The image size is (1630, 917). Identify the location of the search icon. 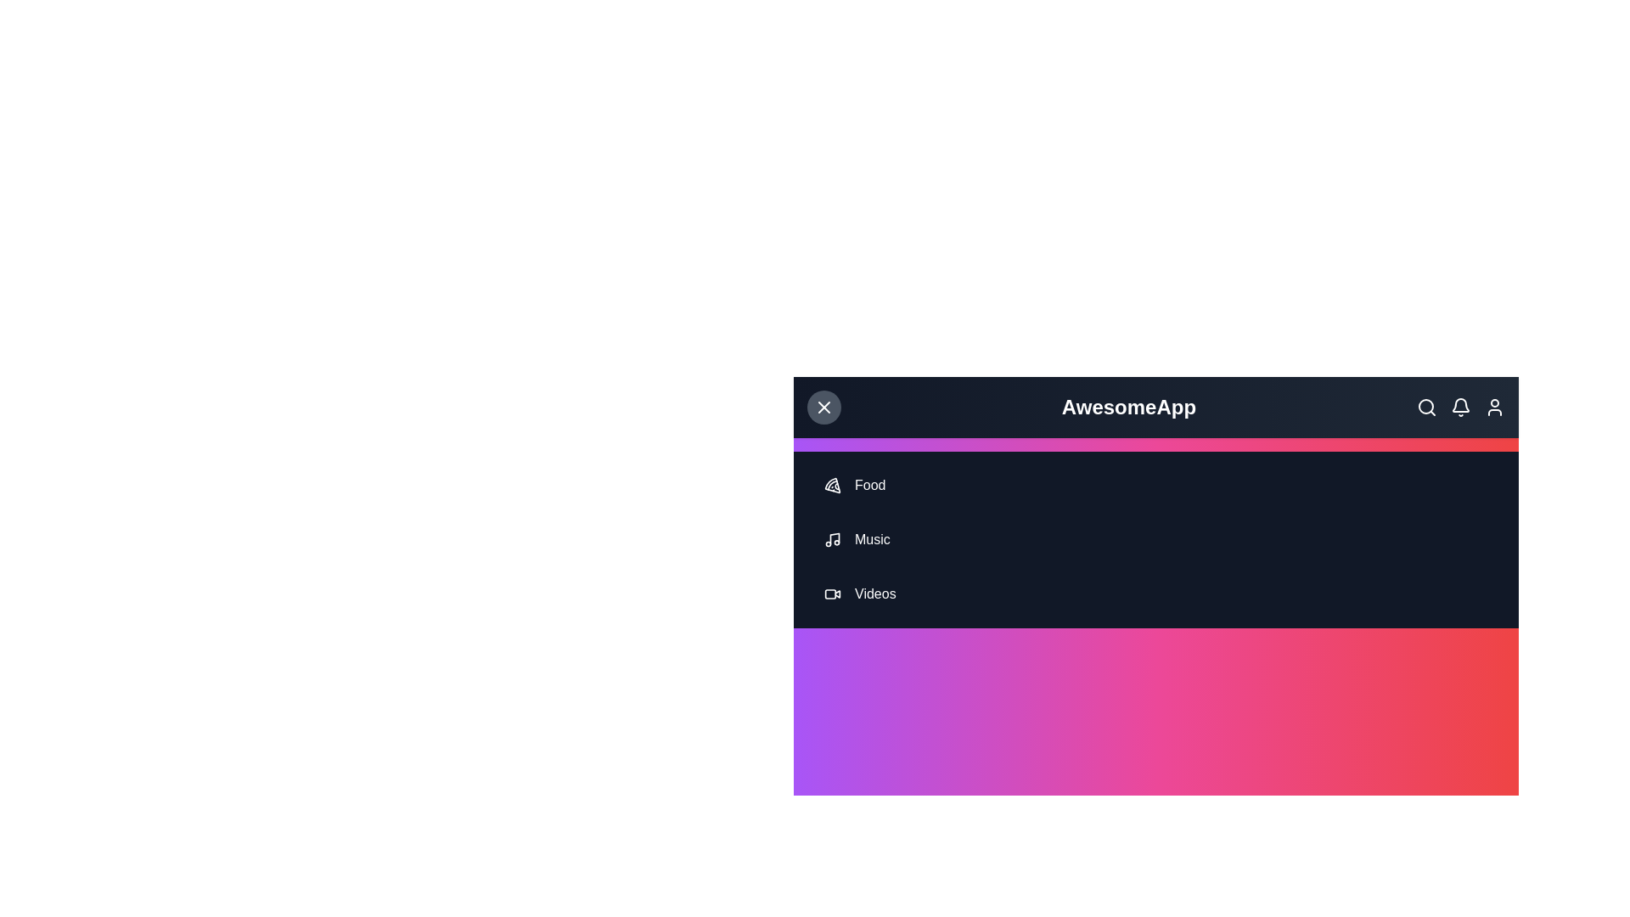
(1426, 407).